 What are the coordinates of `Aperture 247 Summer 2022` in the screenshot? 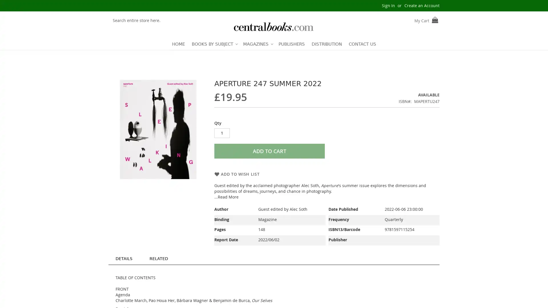 It's located at (147, 195).